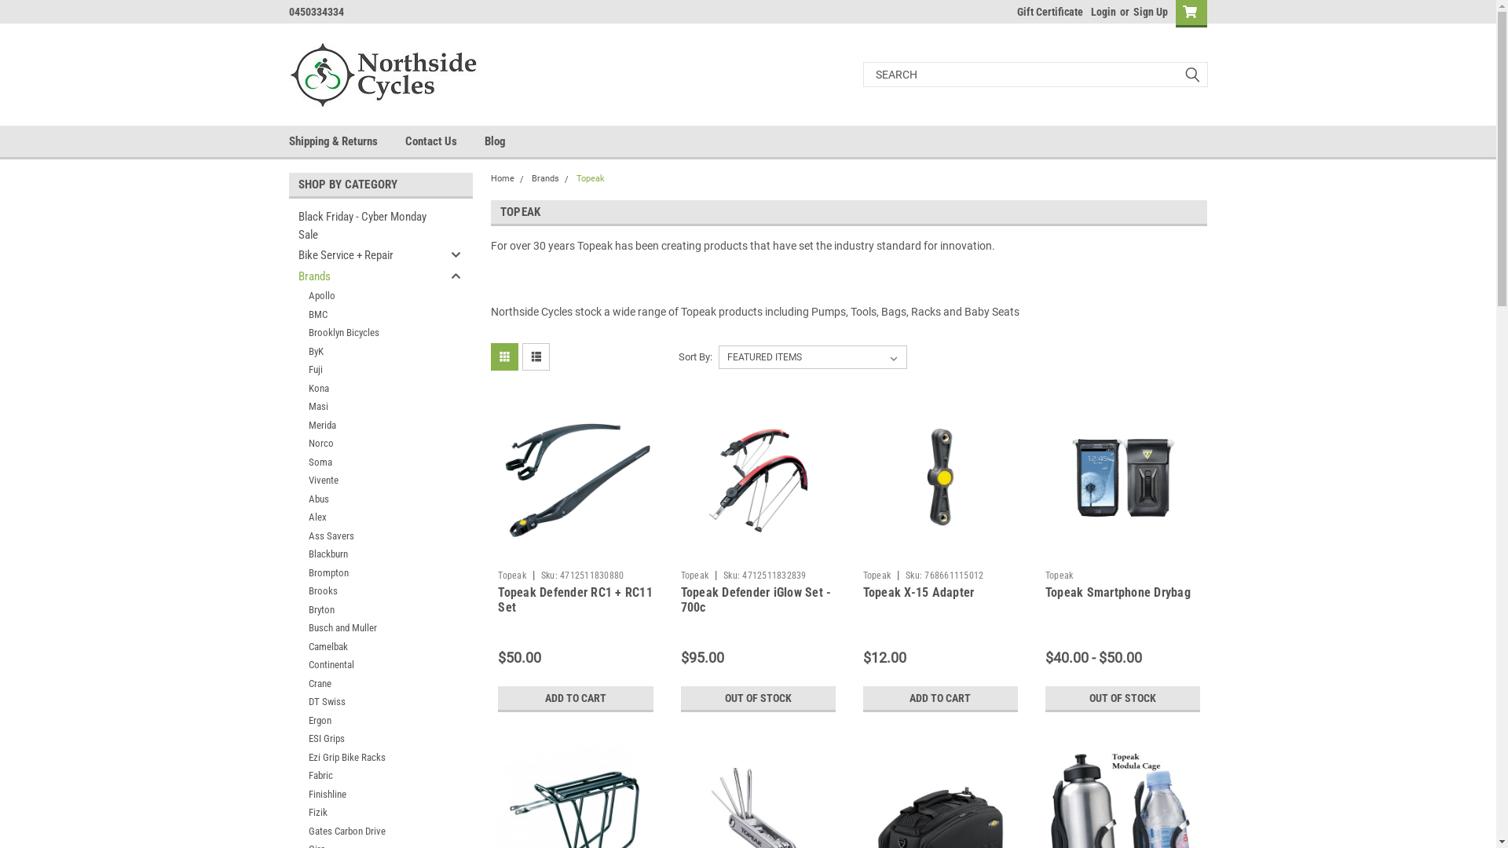 The height and width of the screenshot is (848, 1508). I want to click on 'Topeak', so click(512, 575).